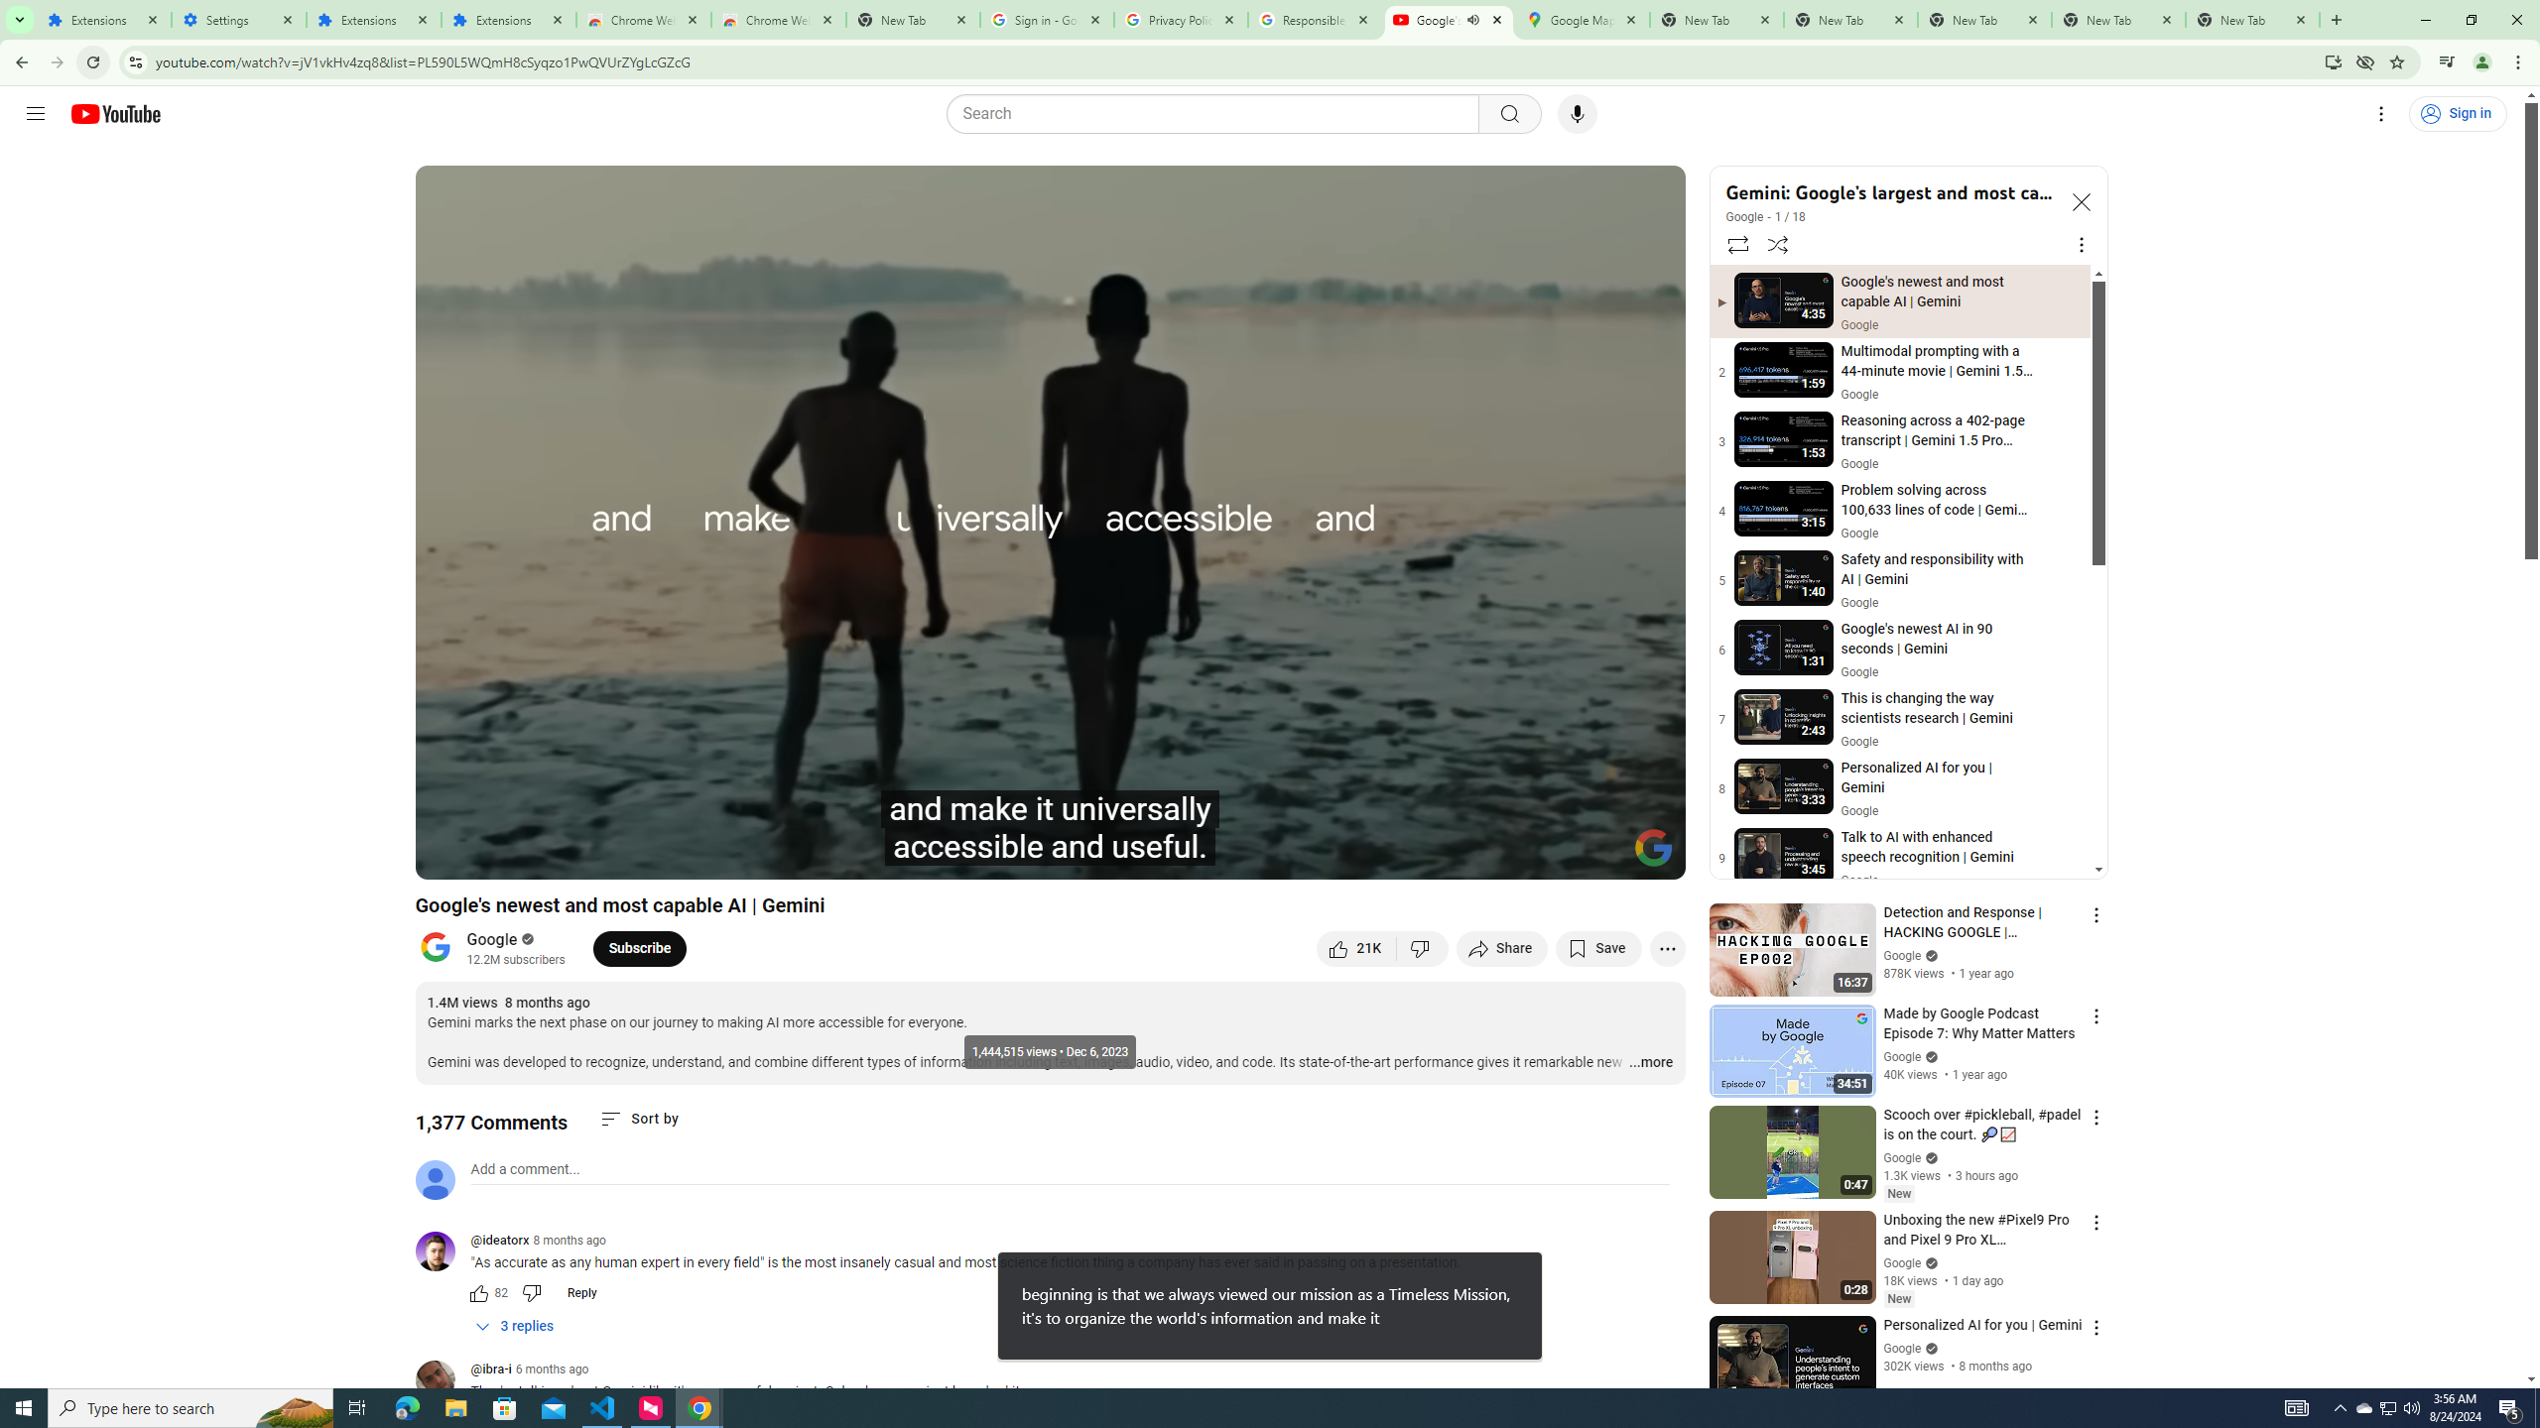  What do you see at coordinates (452, 855) in the screenshot?
I see `'Previous (SHIFT+p)'` at bounding box center [452, 855].